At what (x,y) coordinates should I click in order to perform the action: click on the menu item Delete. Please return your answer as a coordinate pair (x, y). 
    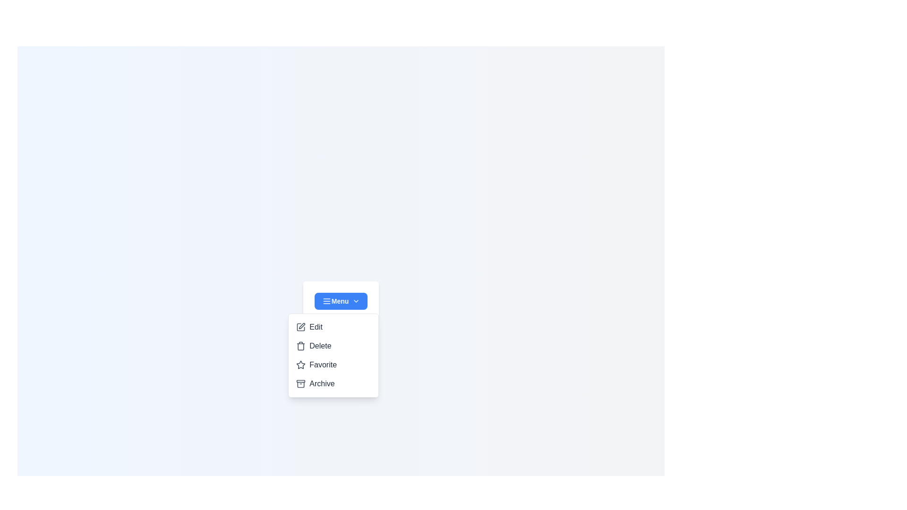
    Looking at the image, I should click on (334, 346).